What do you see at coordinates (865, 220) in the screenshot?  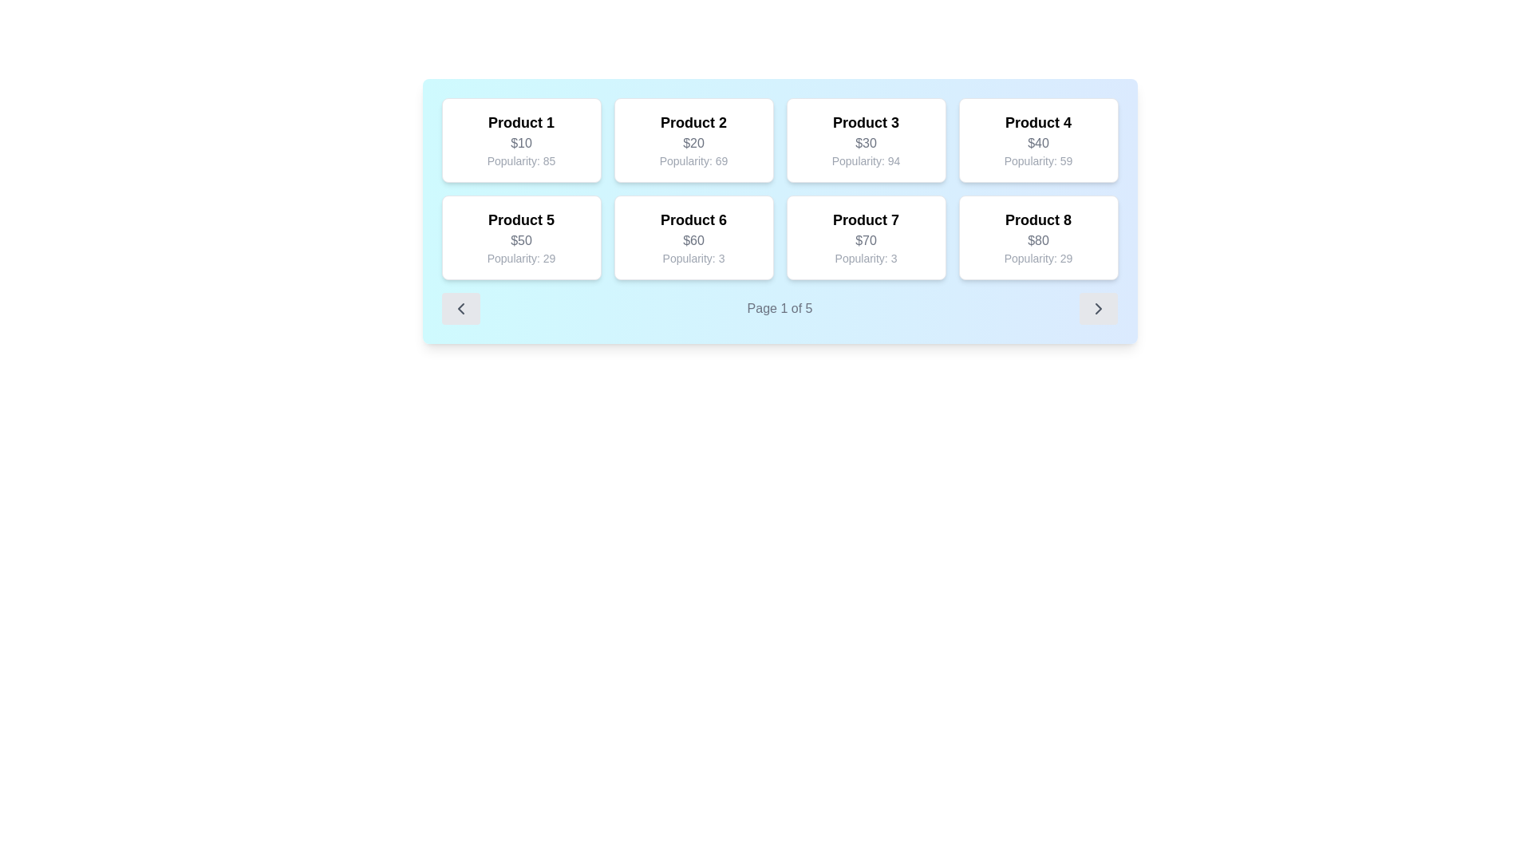 I see `the 'Product 7' text label which is displayed in bold, black font inside a white card with rounded corners, located at the top of the second card in the grid` at bounding box center [865, 220].